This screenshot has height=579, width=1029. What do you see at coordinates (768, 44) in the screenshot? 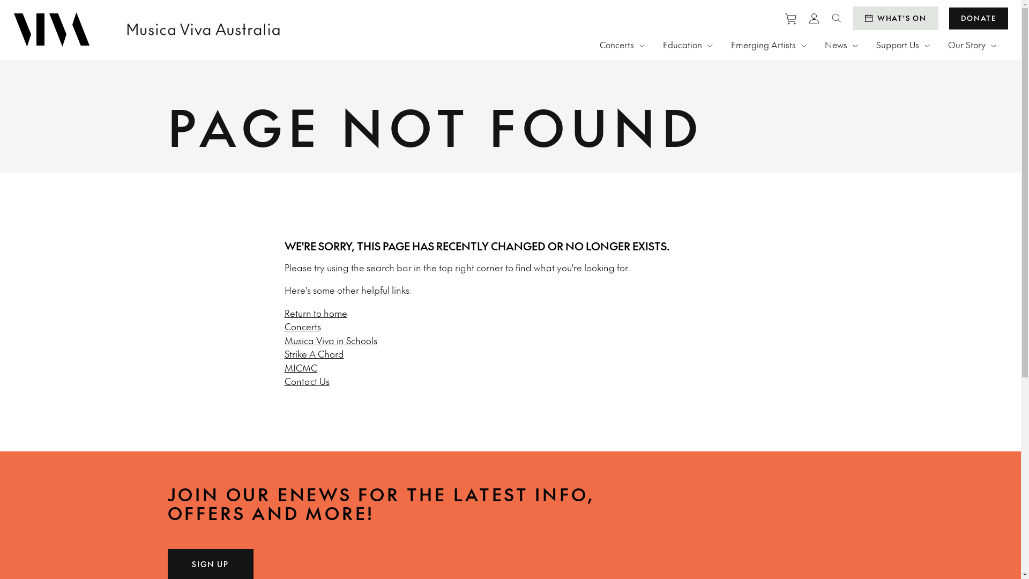
I see `'Emerging Artists'` at bounding box center [768, 44].